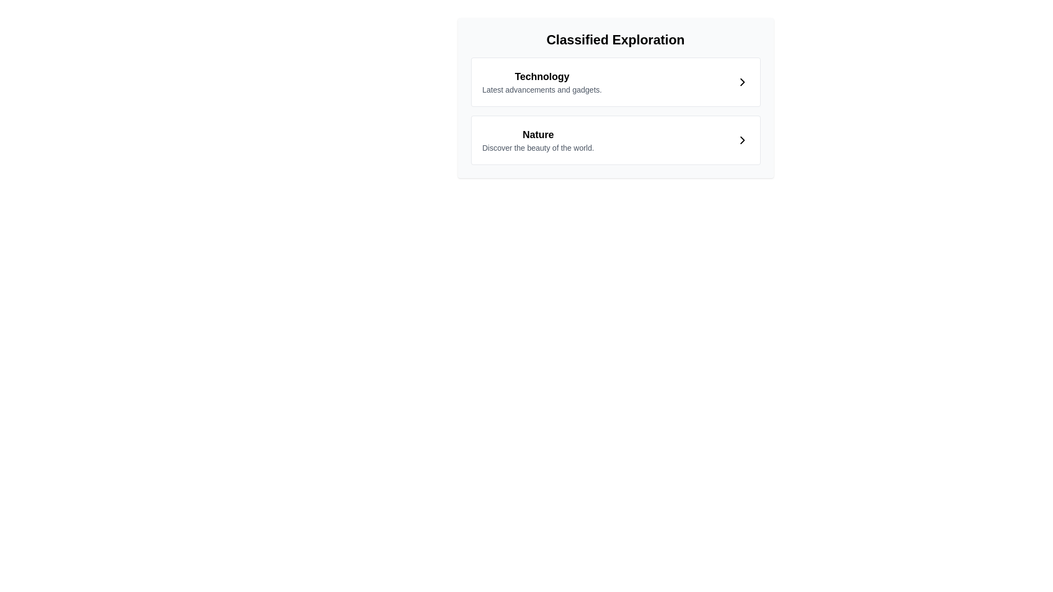 The width and height of the screenshot is (1053, 592). What do you see at coordinates (542, 82) in the screenshot?
I see `the first text-based clickable item in the vertical list that navigates to technology and gadget advancements` at bounding box center [542, 82].